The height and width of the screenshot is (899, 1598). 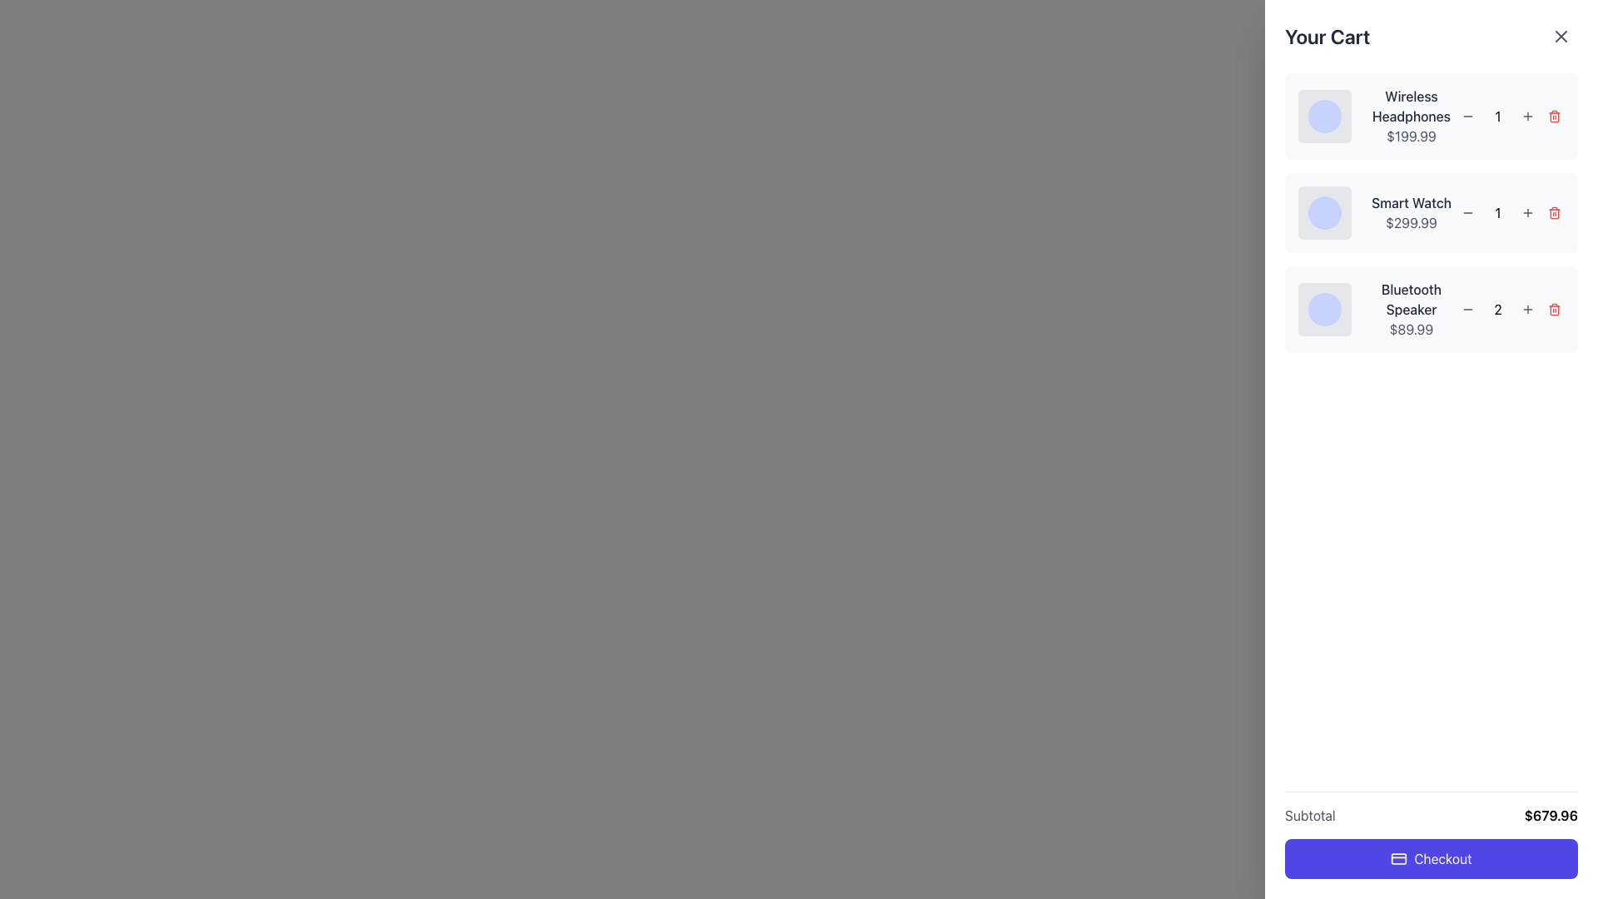 What do you see at coordinates (1528, 309) in the screenshot?
I see `the circular '+' button with a gray background in the cart overview for the 'Bluetooth Speaker' item` at bounding box center [1528, 309].